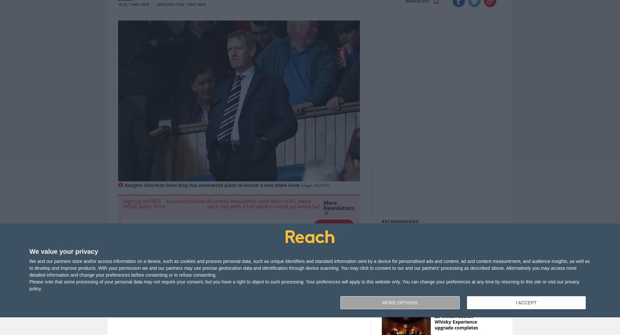  What do you see at coordinates (190, 4) in the screenshot?
I see `'17:20, 7 MAY 2018'` at bounding box center [190, 4].